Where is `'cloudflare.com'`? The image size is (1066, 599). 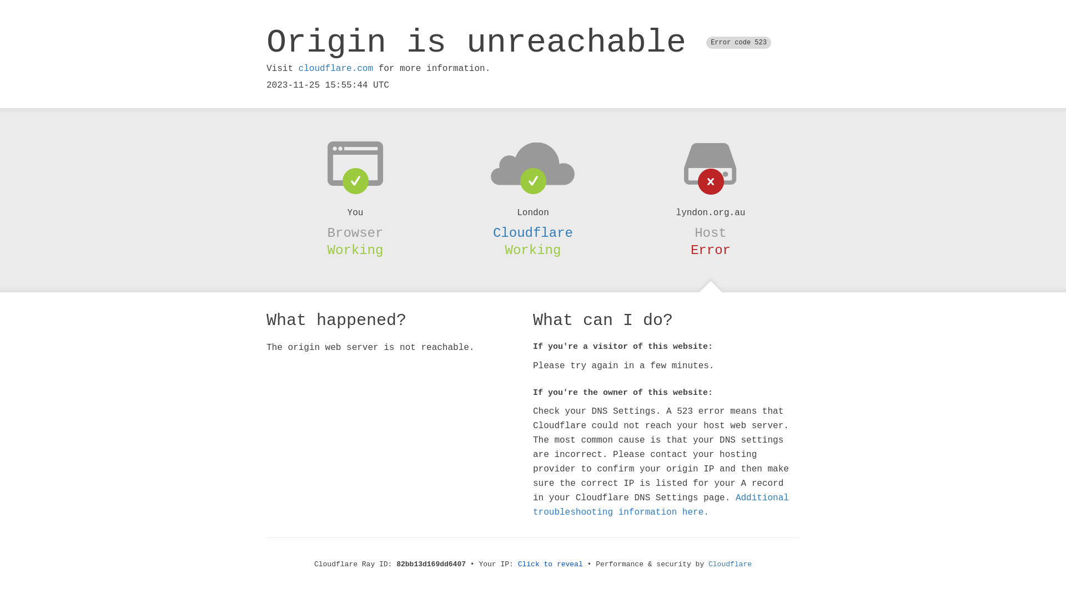 'cloudflare.com' is located at coordinates (335, 68).